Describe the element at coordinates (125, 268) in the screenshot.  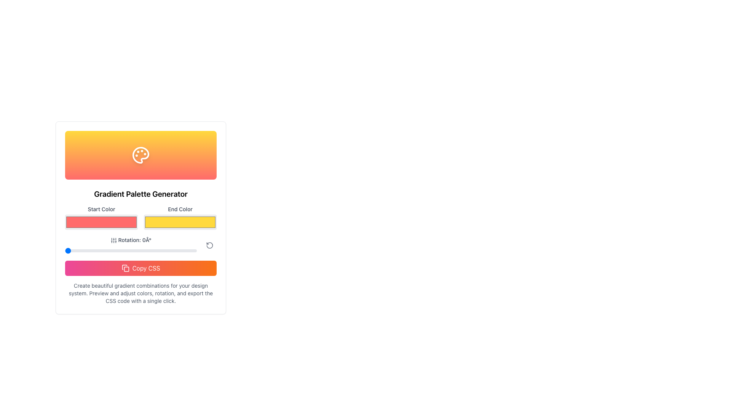
I see `the clipboard icon inside the 'Copy CSS' button, which is a clean, linear design element located in the lower portion of the interface` at that location.